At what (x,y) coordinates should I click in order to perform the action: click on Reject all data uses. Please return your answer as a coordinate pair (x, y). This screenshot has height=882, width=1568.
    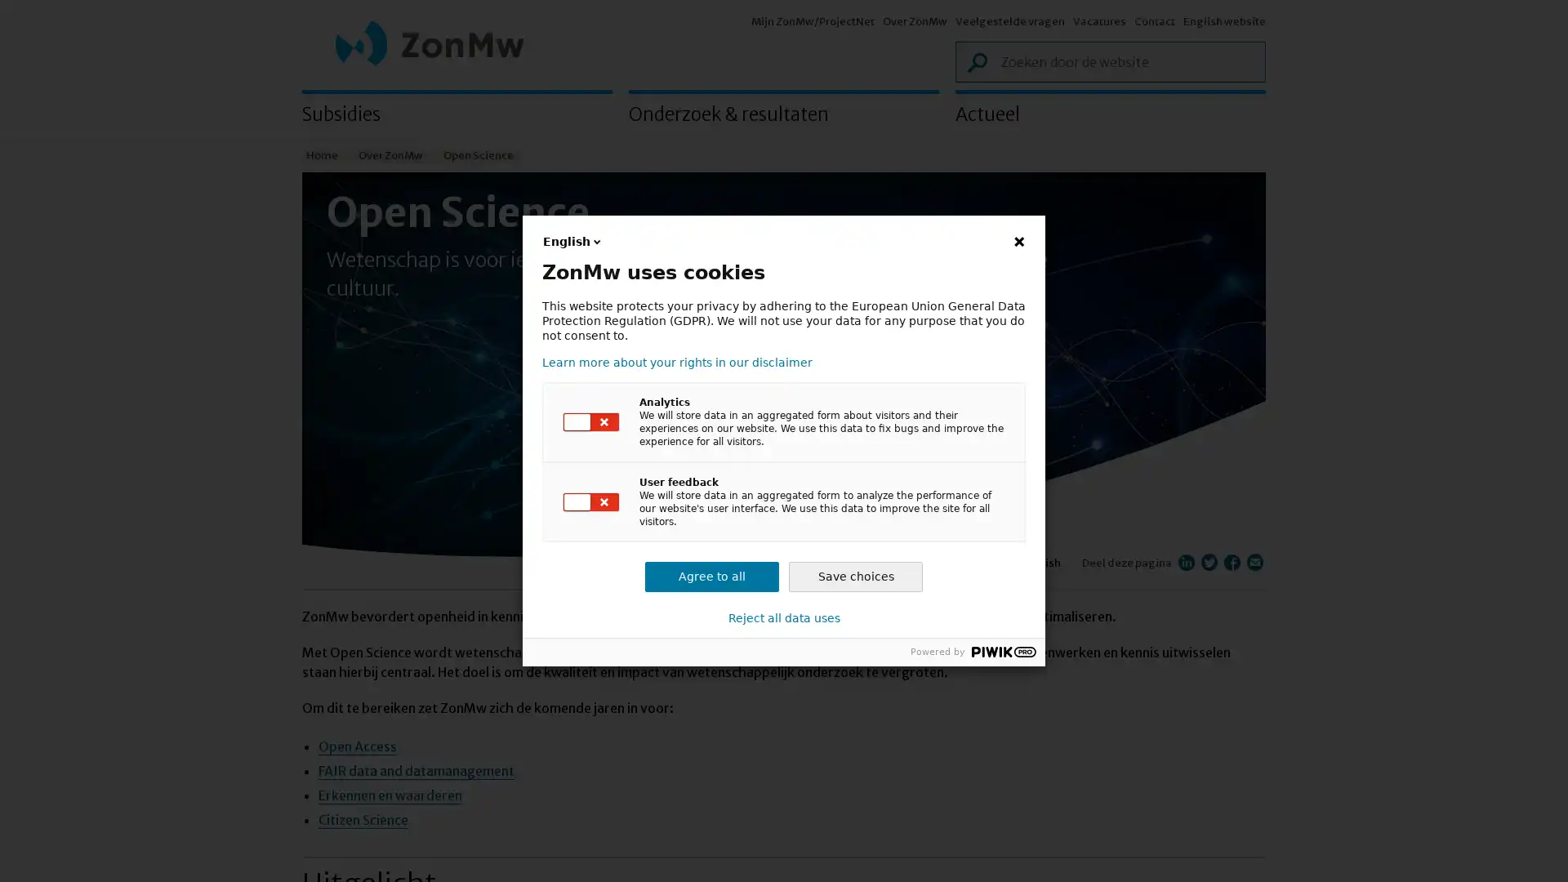
    Looking at the image, I should click on (782, 617).